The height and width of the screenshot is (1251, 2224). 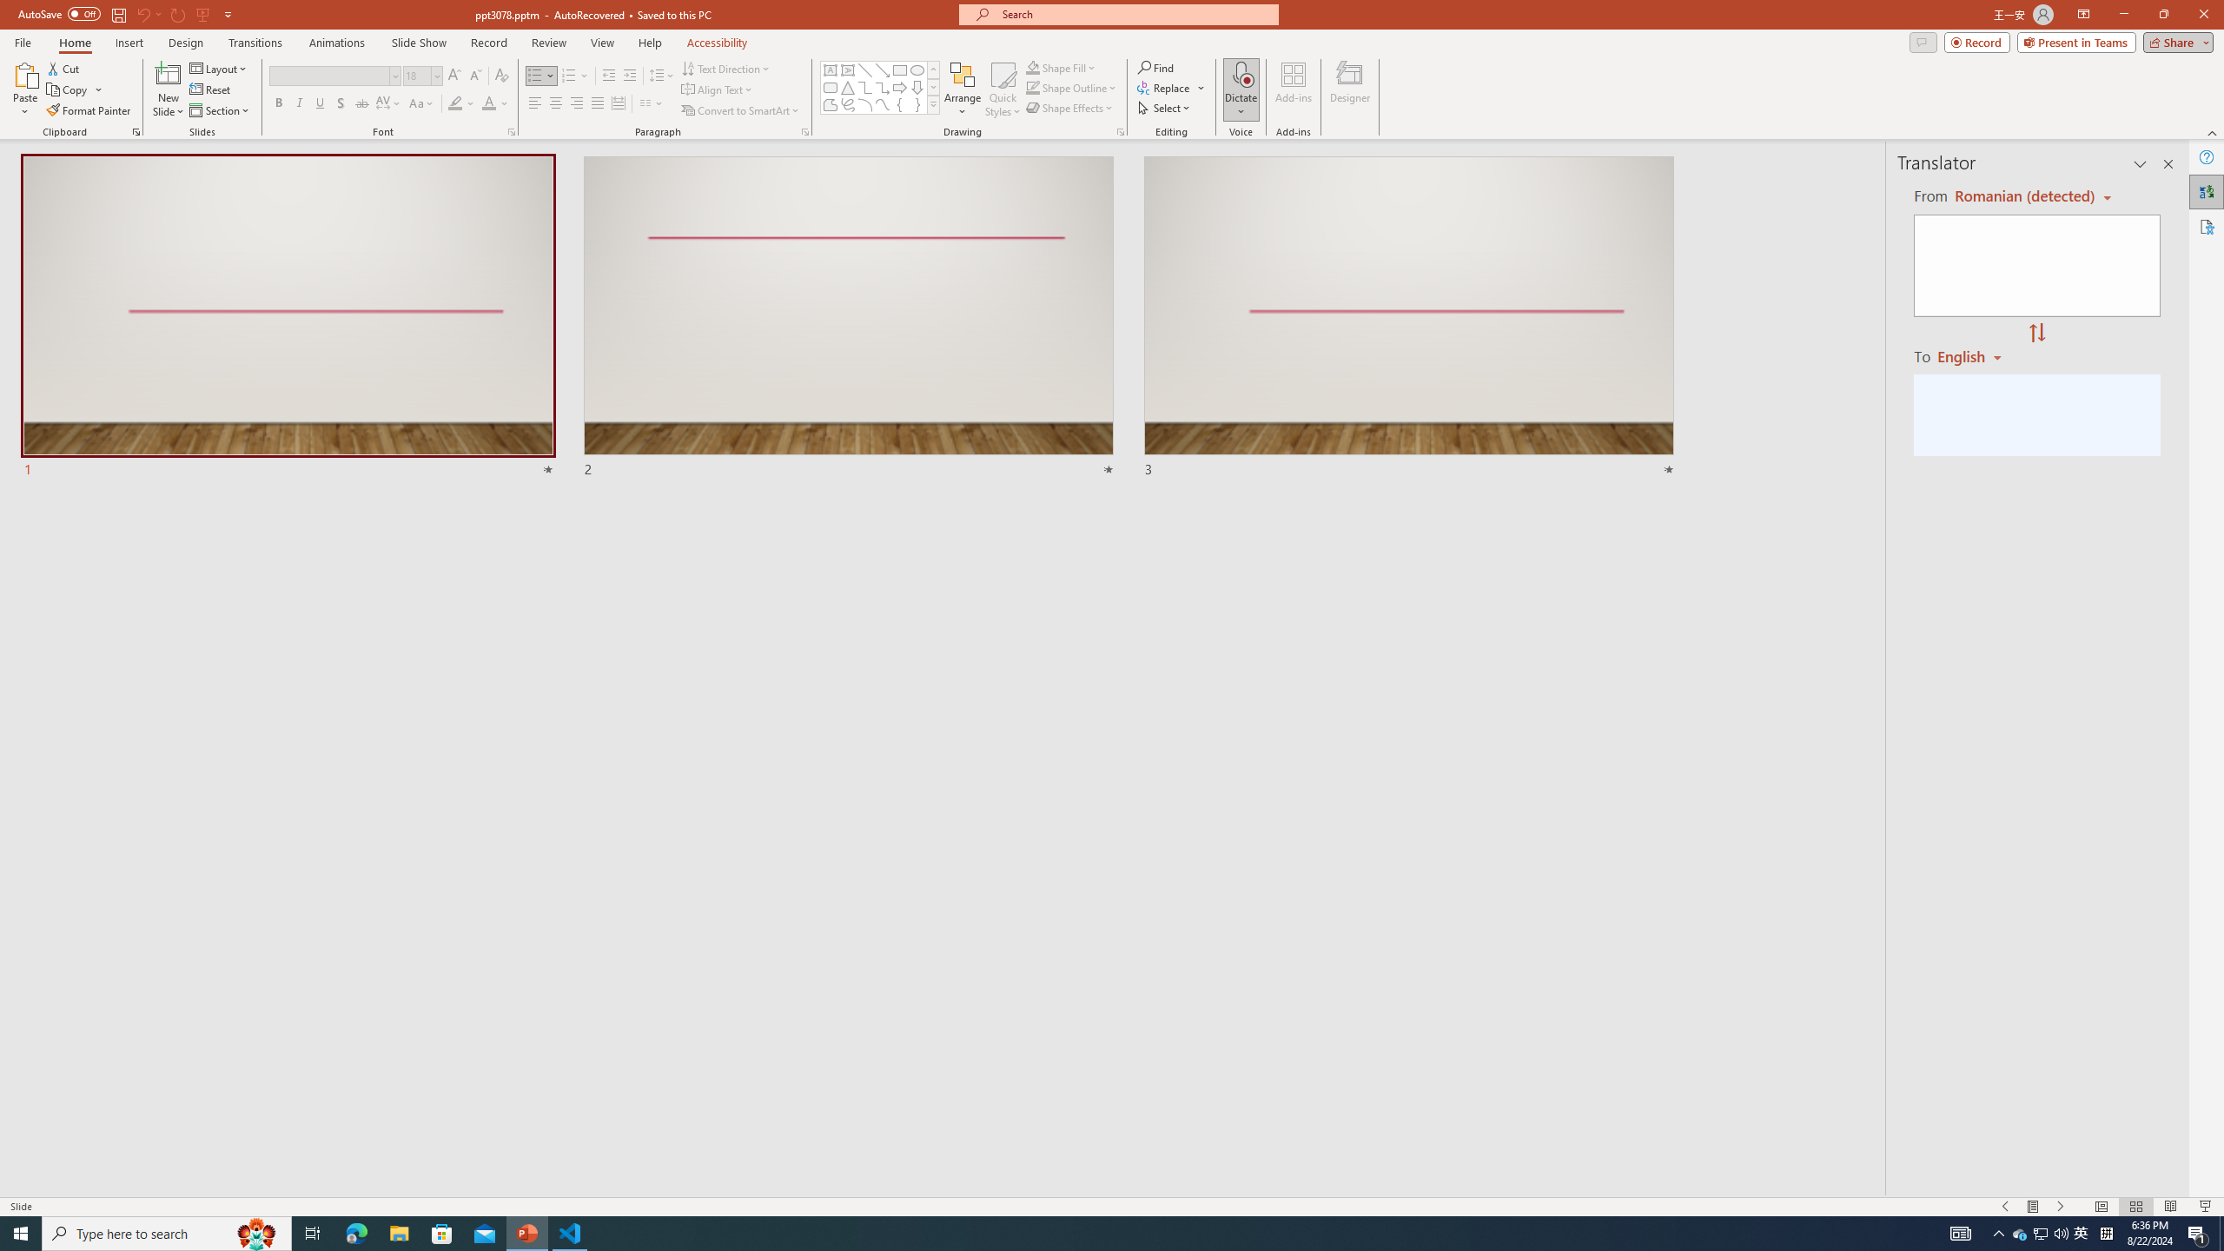 I want to click on 'Isosceles Triangle', so click(x=846, y=86).